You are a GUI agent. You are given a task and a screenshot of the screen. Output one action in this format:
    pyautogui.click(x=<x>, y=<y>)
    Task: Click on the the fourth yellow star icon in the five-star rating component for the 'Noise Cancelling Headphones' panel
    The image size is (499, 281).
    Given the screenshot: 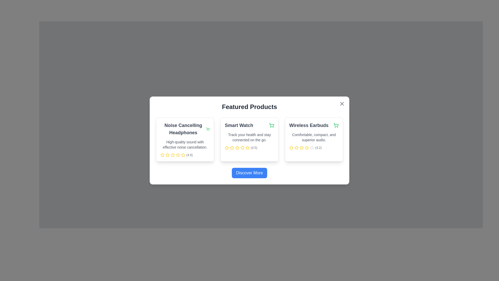 What is the action you would take?
    pyautogui.click(x=173, y=155)
    